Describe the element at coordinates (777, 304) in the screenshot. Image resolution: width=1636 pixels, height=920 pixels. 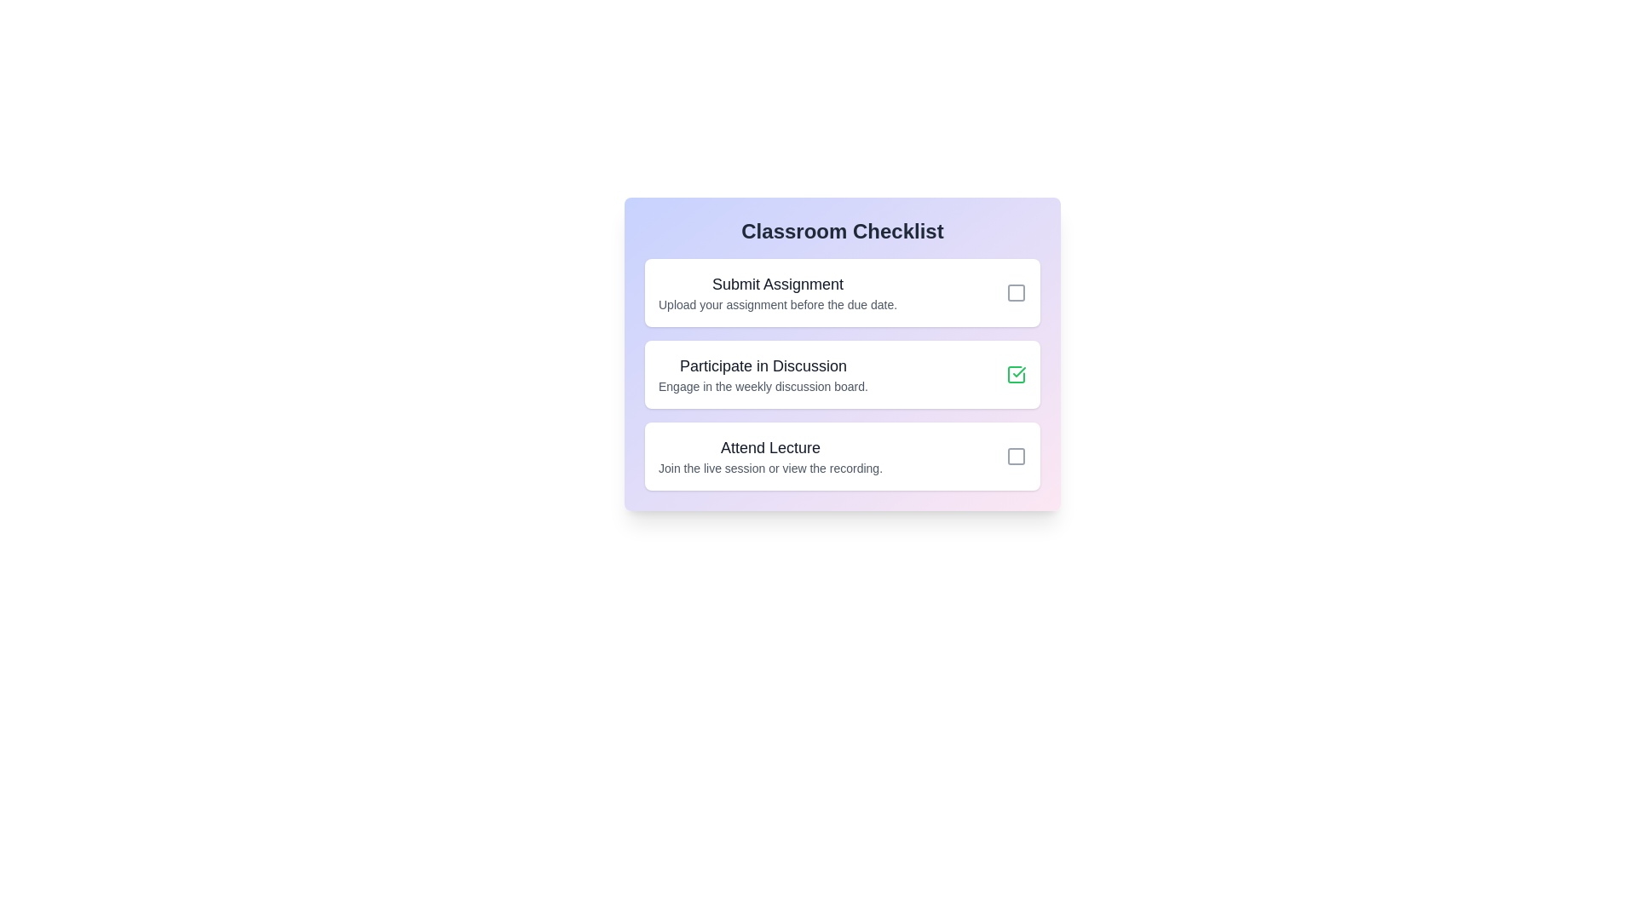
I see `the text element reading 'Upload your assignment before the due date.' which is styled in gray and positioned below the 'Submit Assignment' title` at that location.